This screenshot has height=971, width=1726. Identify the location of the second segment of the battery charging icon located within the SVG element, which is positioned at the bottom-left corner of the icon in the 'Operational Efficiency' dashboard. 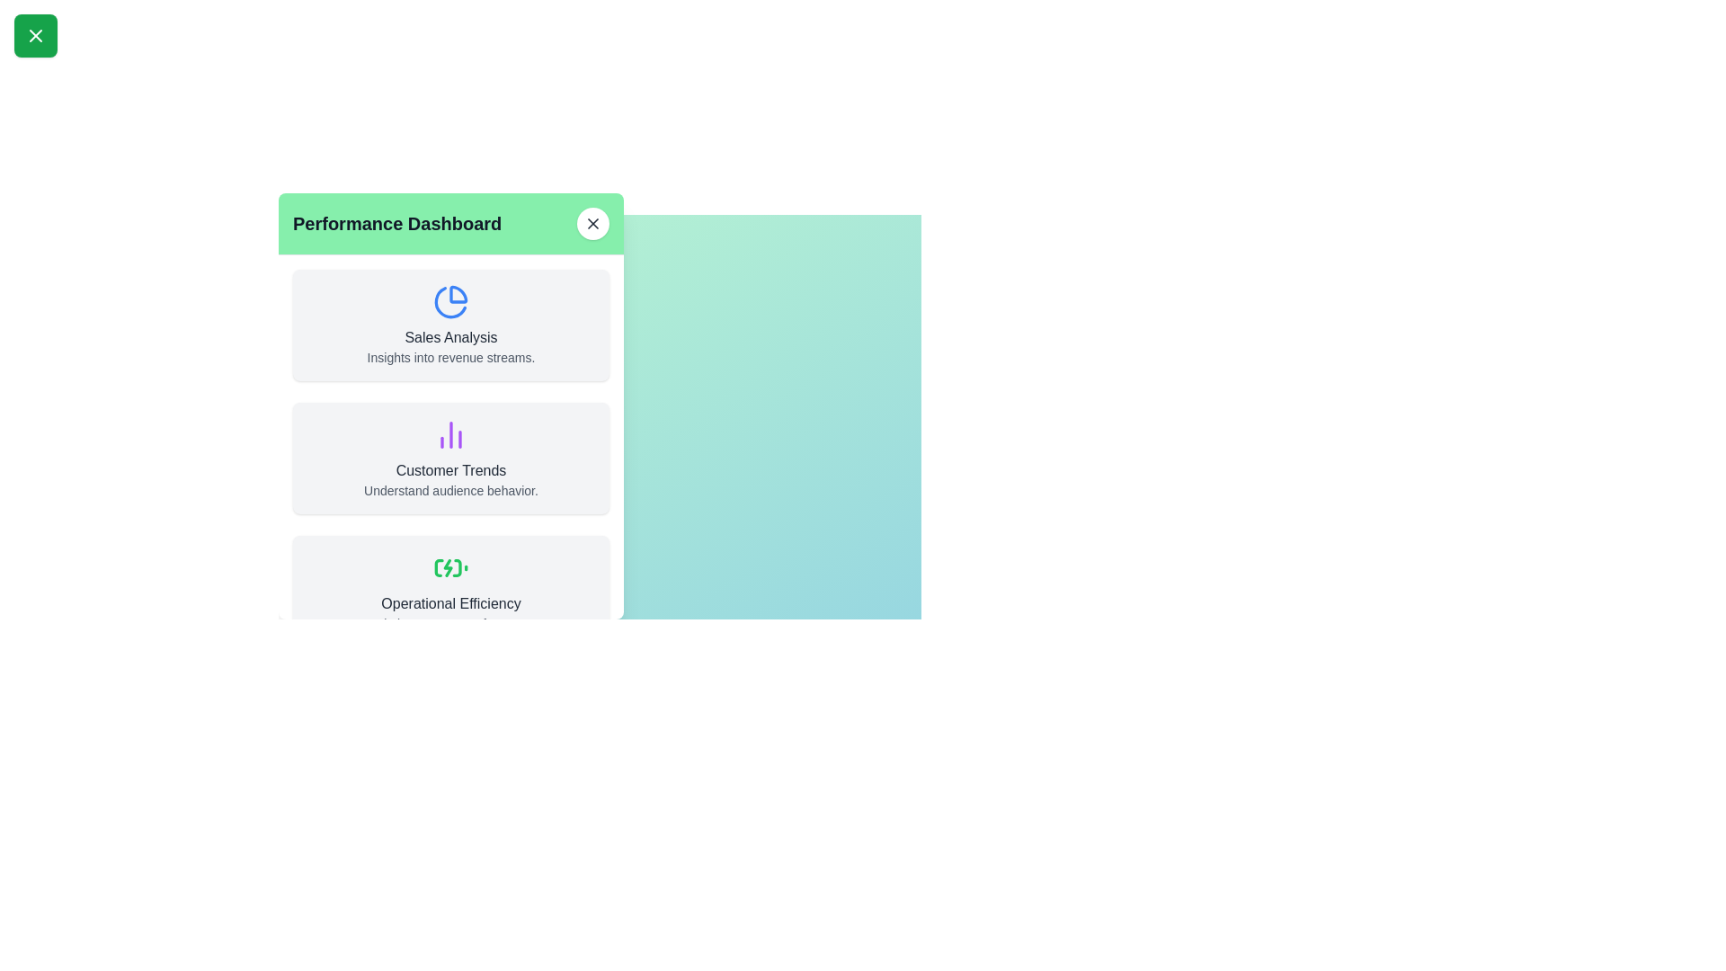
(439, 568).